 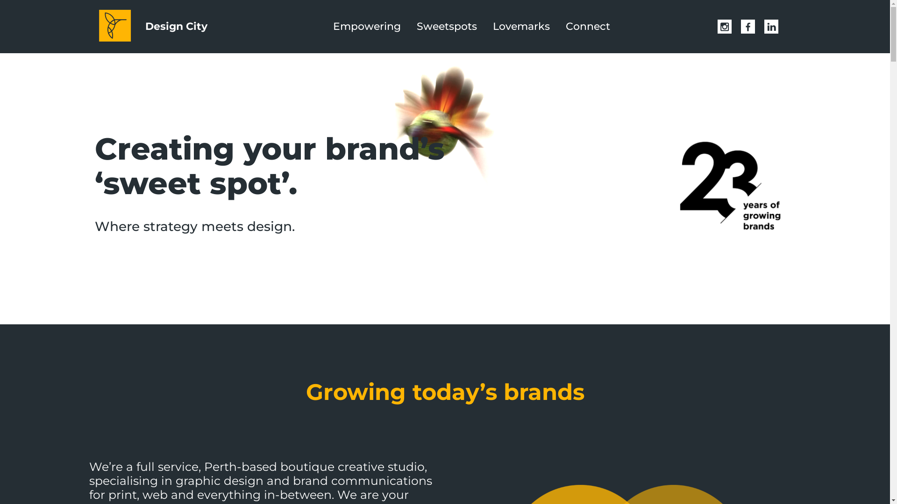 I want to click on 'Sweetspots', so click(x=413, y=26).